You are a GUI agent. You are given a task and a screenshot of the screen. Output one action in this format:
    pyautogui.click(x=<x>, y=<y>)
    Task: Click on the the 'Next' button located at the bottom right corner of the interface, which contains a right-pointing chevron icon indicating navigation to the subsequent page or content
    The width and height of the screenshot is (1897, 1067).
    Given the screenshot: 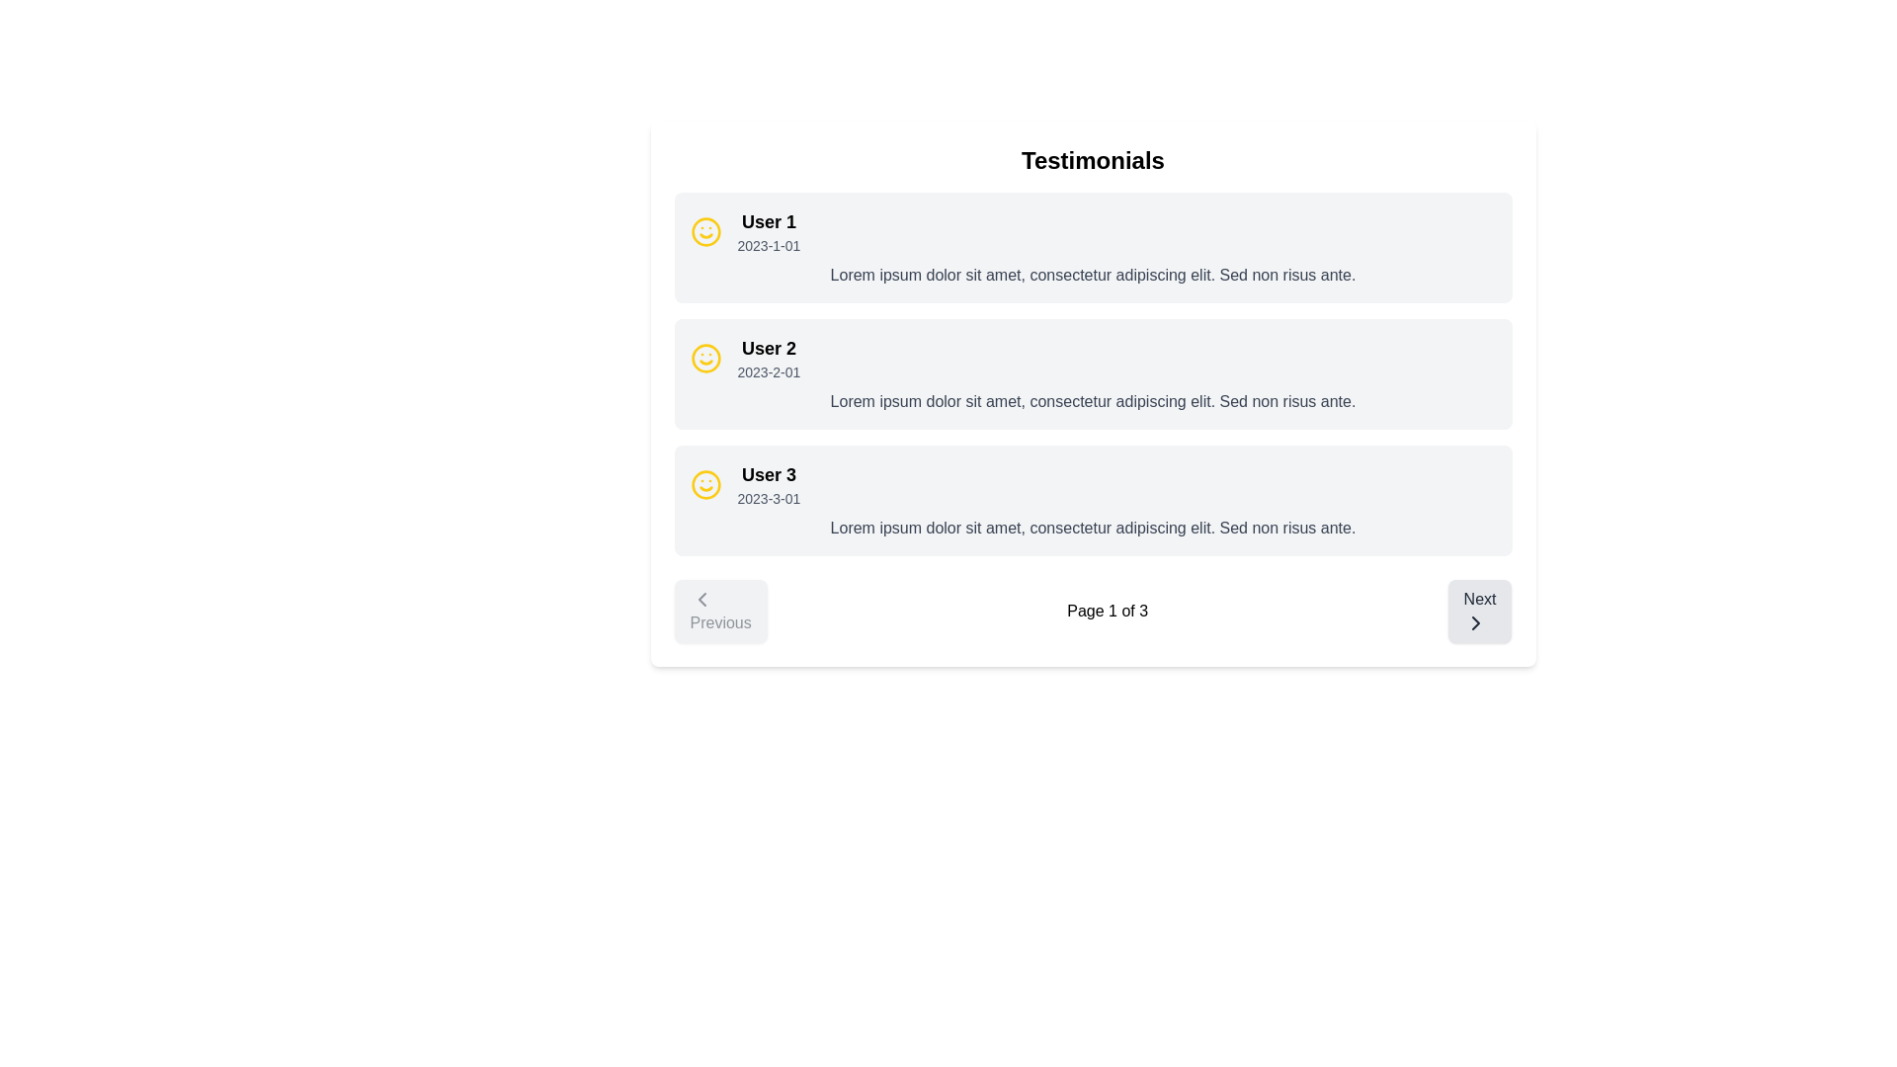 What is the action you would take?
    pyautogui.click(x=1475, y=623)
    